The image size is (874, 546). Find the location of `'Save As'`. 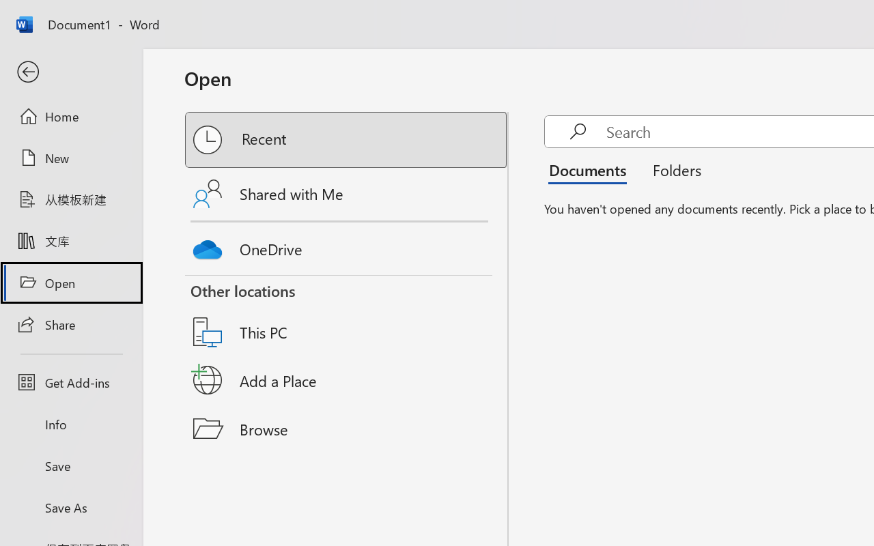

'Save As' is located at coordinates (70, 507).